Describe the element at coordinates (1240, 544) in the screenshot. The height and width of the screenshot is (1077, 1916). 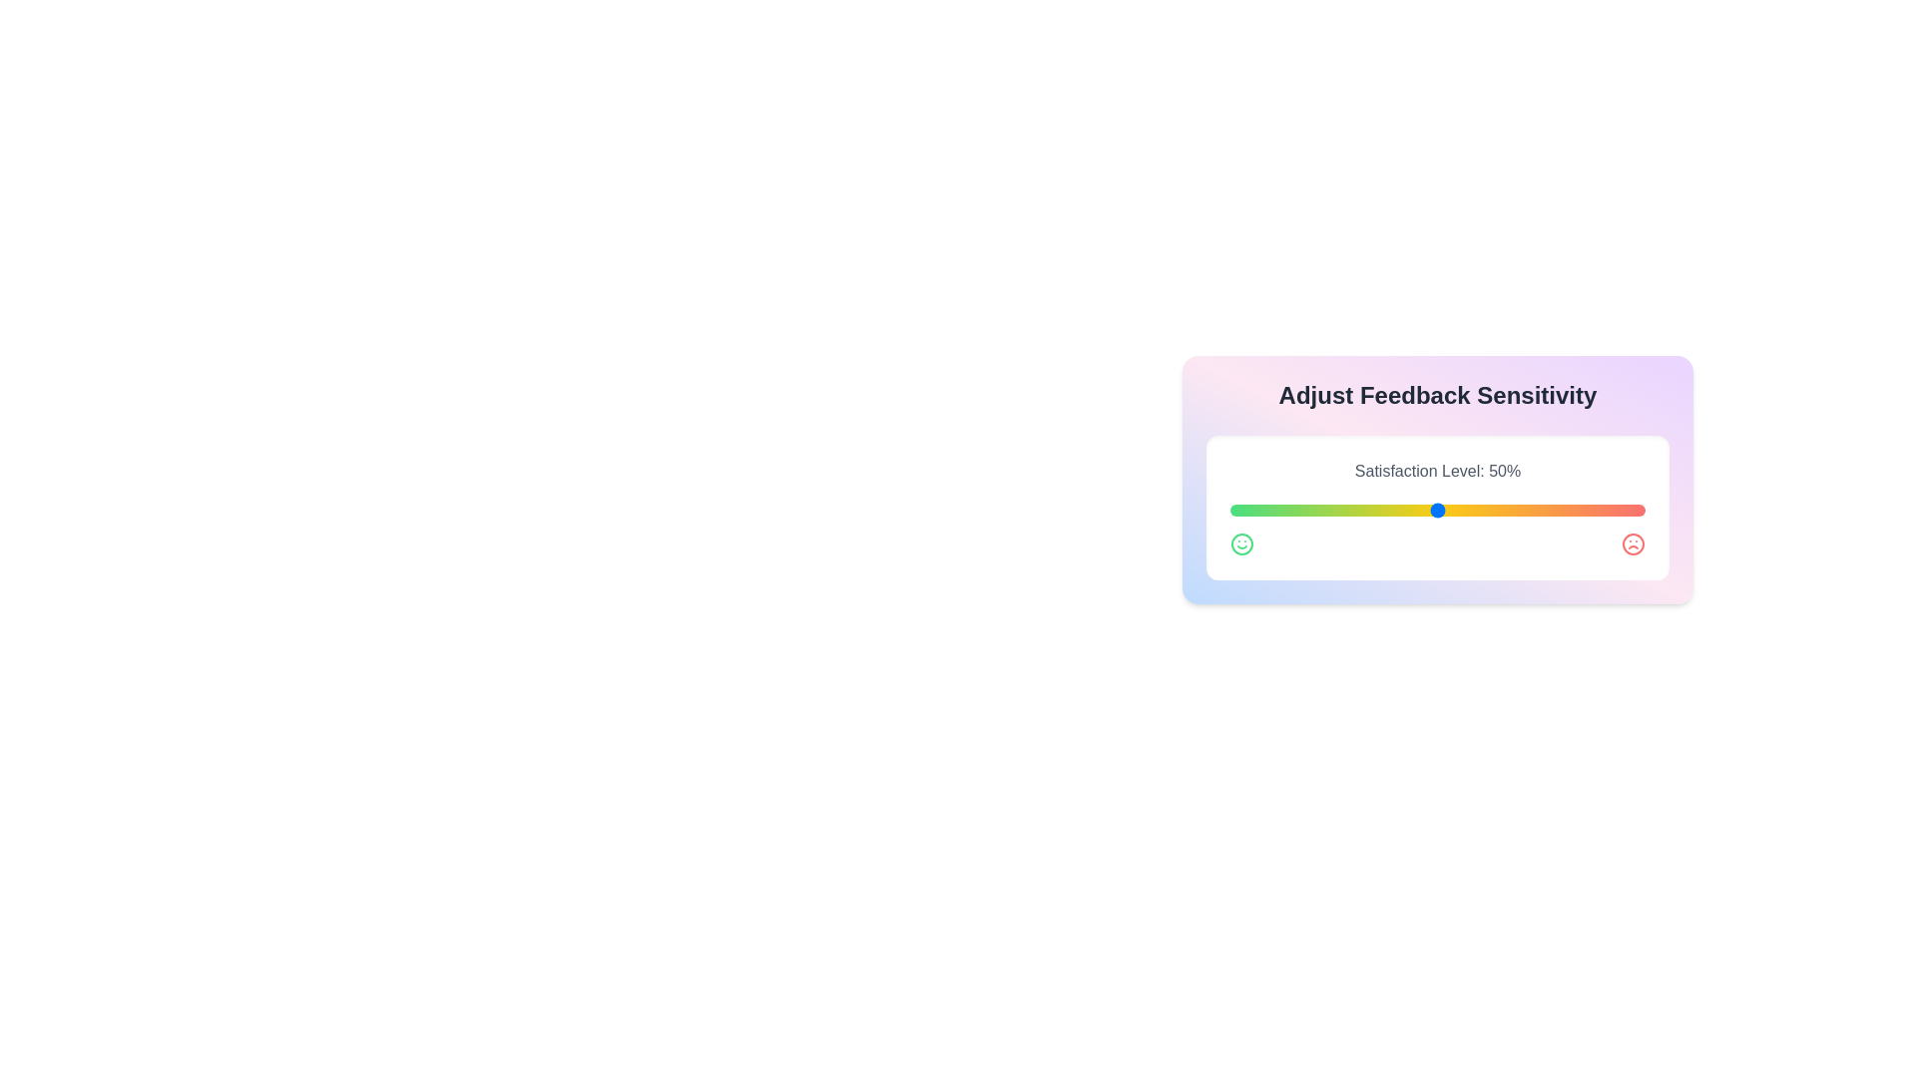
I see `the smile icon to indicate positive feedback` at that location.